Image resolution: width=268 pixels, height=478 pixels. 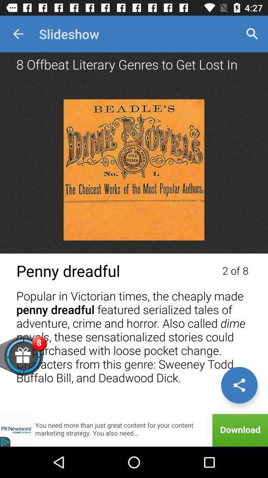 I want to click on open gifts, so click(x=38, y=361).